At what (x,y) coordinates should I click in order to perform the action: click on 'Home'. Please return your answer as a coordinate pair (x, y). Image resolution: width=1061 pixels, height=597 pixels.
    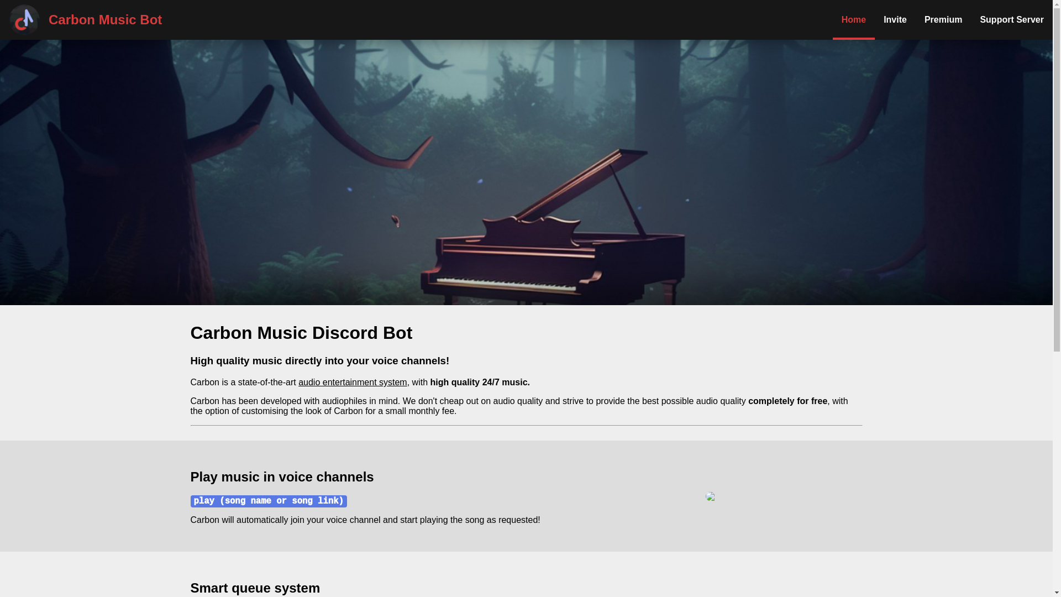
    Looking at the image, I should click on (853, 19).